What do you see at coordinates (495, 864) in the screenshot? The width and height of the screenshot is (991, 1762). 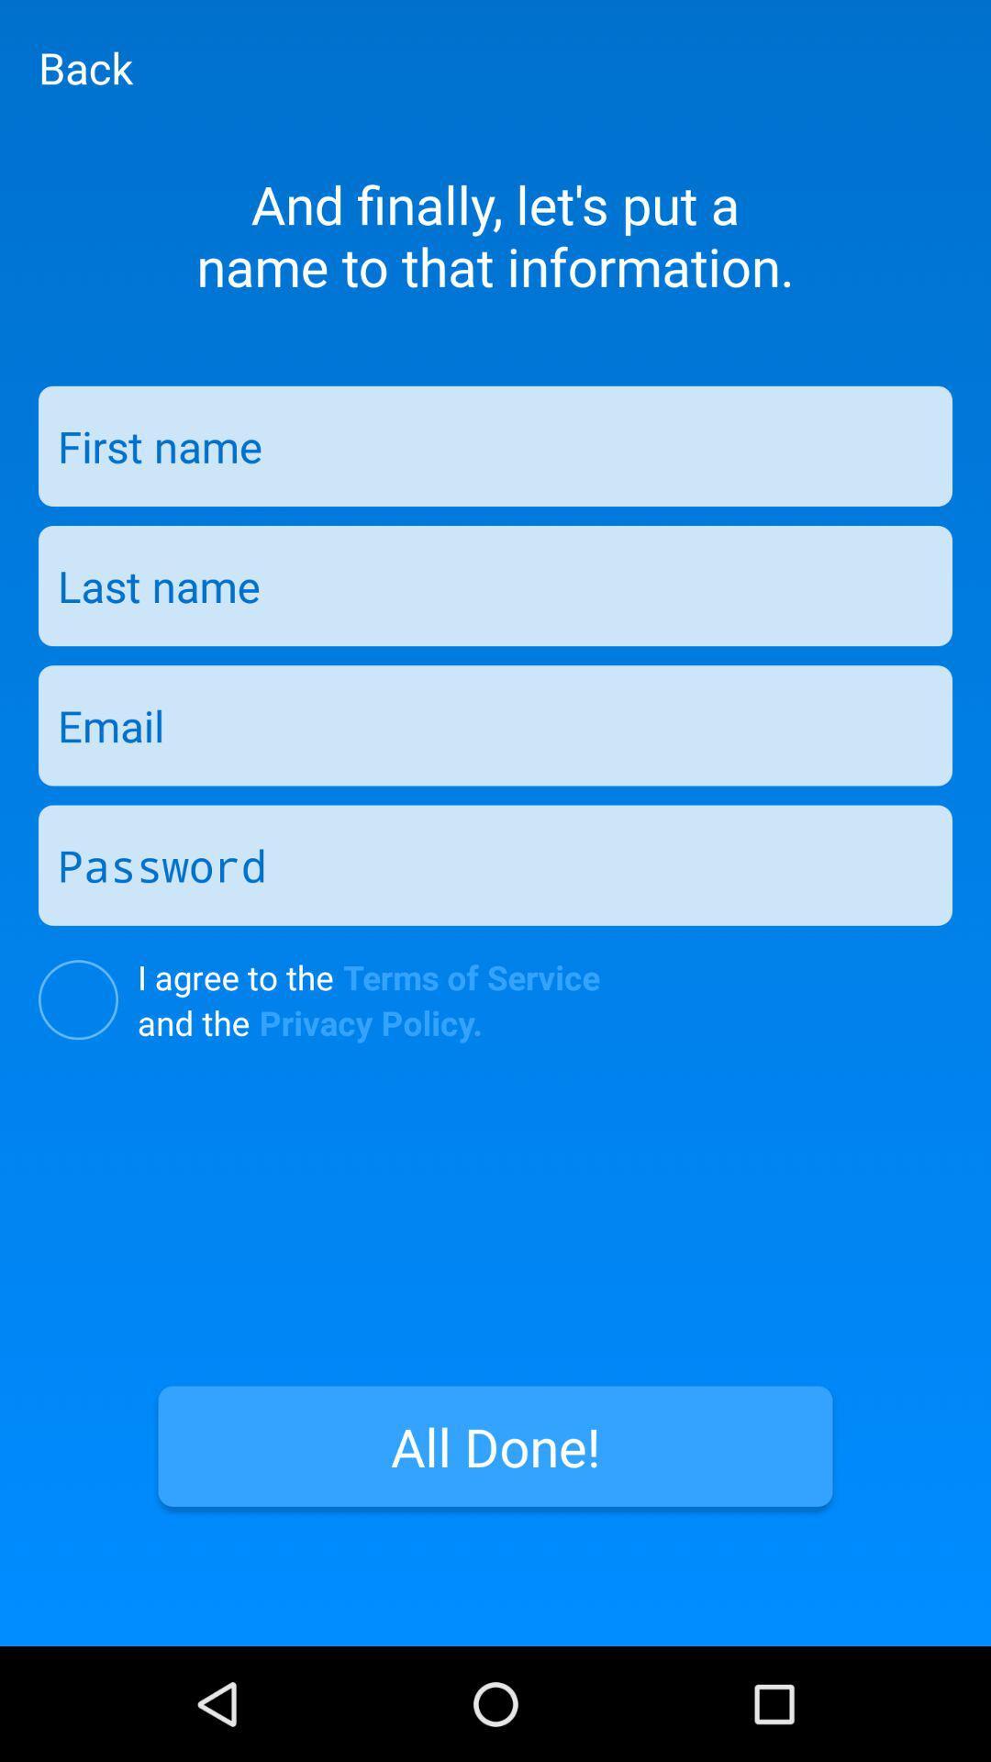 I see `text box` at bounding box center [495, 864].